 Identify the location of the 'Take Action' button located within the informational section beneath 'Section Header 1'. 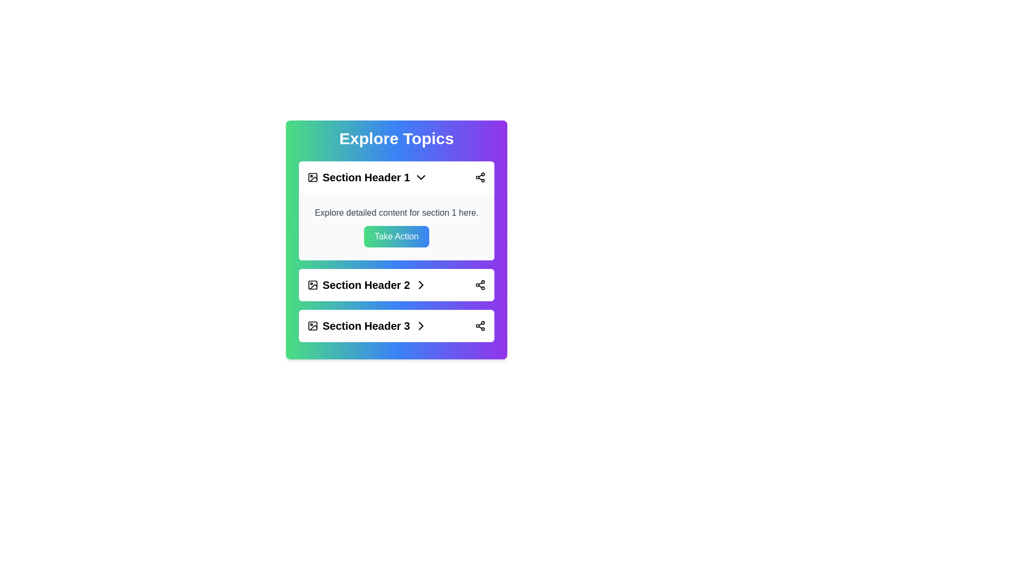
(396, 226).